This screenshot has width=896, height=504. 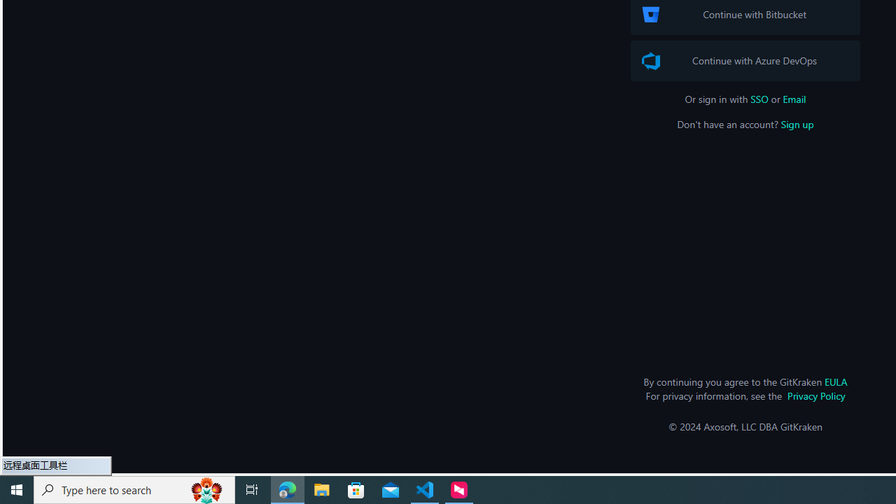 What do you see at coordinates (650, 14) in the screenshot?
I see `'Bitbucket Logo'` at bounding box center [650, 14].